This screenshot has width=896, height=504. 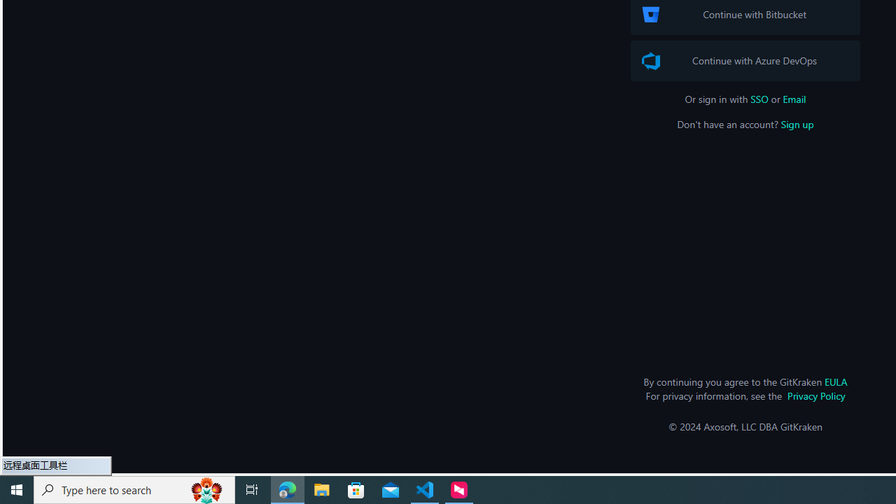 What do you see at coordinates (650, 14) in the screenshot?
I see `'Bitbucket Logo'` at bounding box center [650, 14].